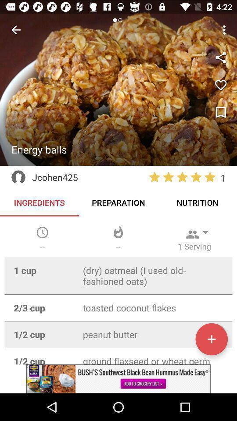 This screenshot has height=421, width=237. Describe the element at coordinates (118, 378) in the screenshot. I see `for addvertisement` at that location.